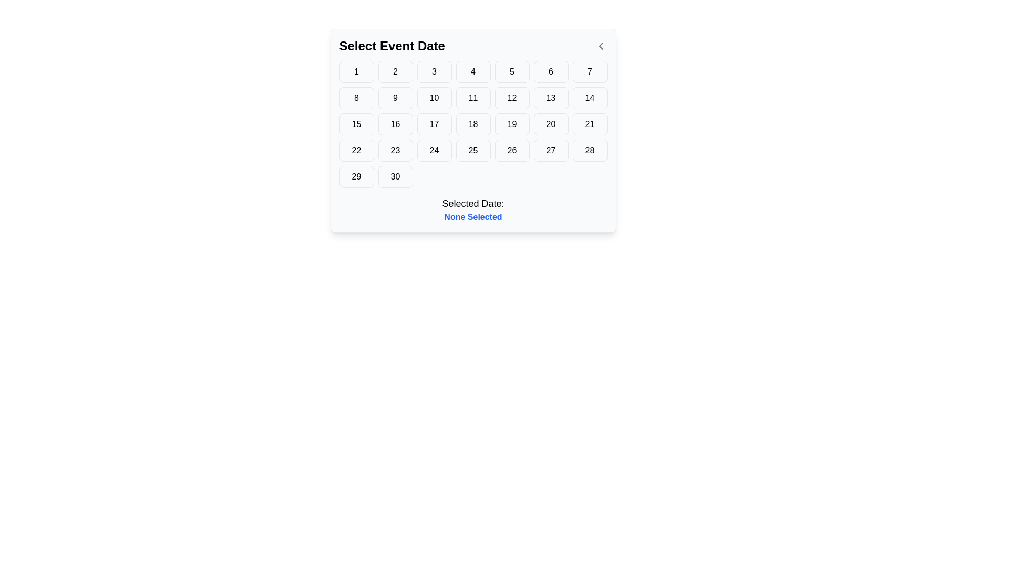  What do you see at coordinates (434, 71) in the screenshot?
I see `the button for selecting the date '3' in the calendar within the 'Select Event Date' modal` at bounding box center [434, 71].